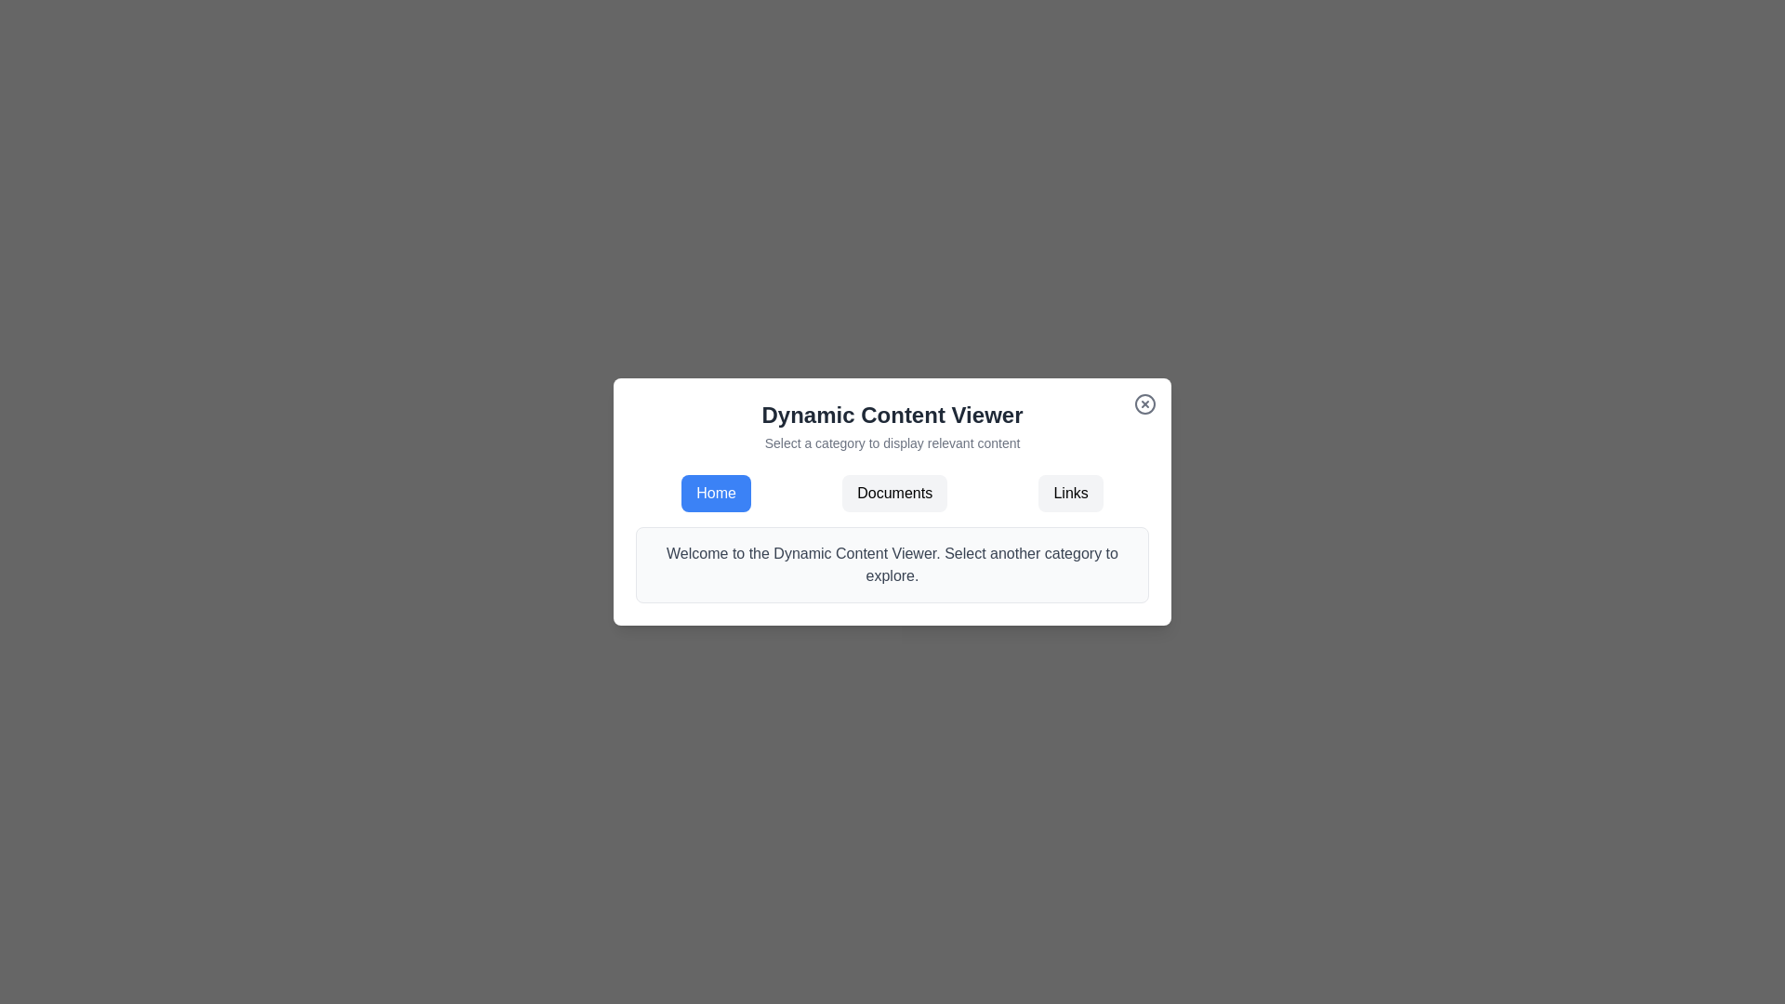 Image resolution: width=1785 pixels, height=1004 pixels. Describe the element at coordinates (1144, 403) in the screenshot. I see `the circular 'X' button at the top-right corner of the 'Dynamic Content Viewer' dialog box to change its color state` at that location.